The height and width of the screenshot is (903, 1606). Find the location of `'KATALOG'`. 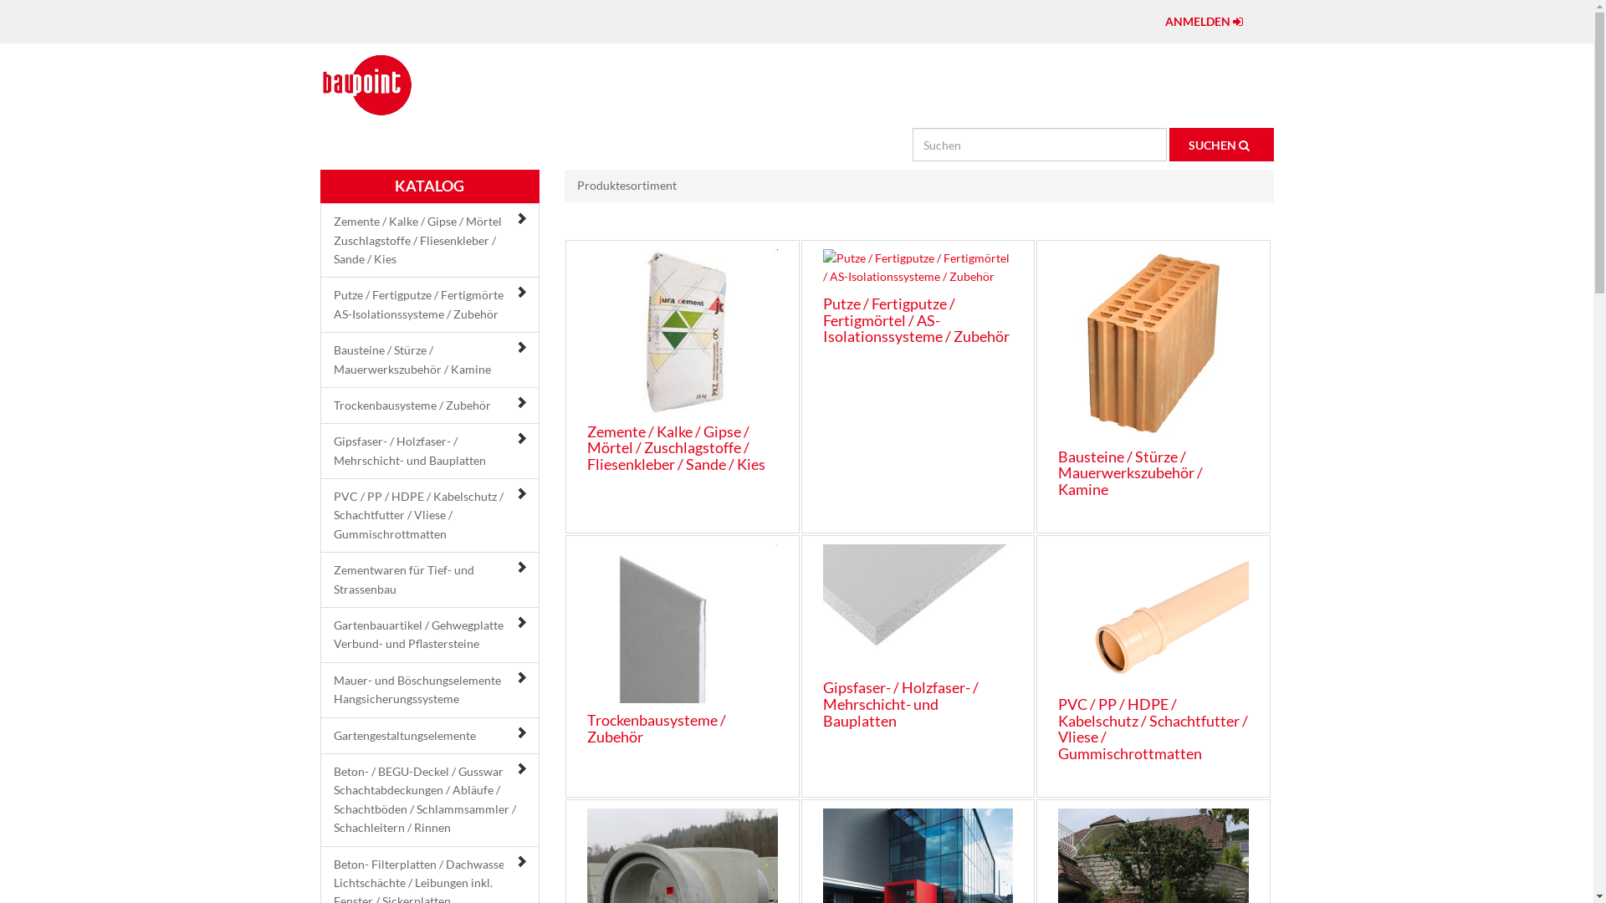

'KATALOG' is located at coordinates (429, 186).